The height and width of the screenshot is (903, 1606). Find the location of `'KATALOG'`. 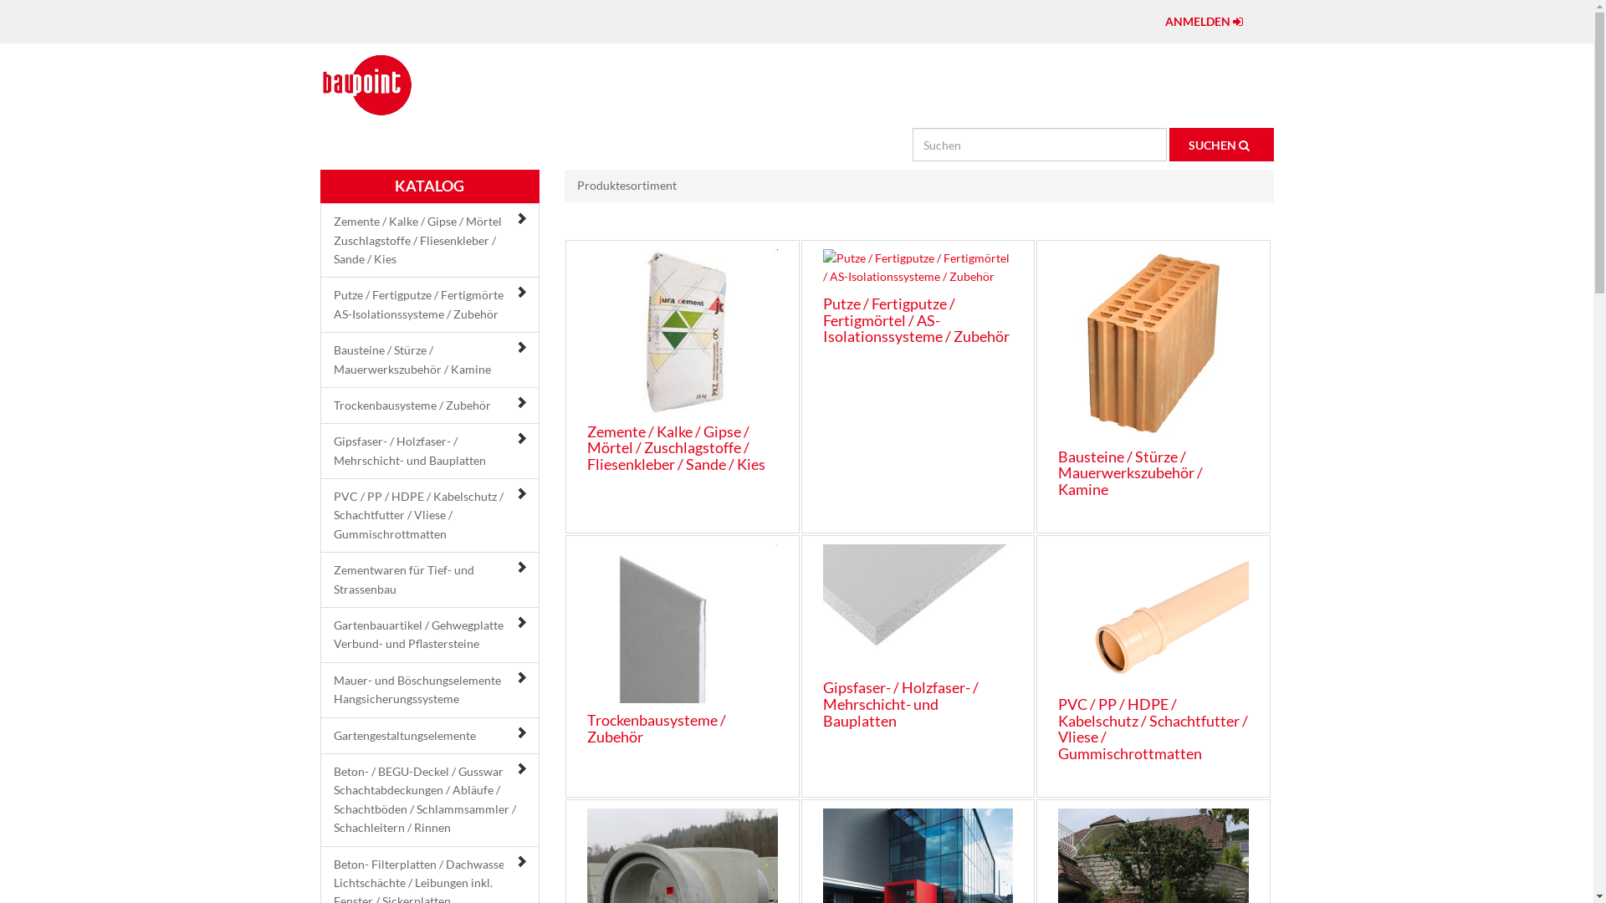

'KATALOG' is located at coordinates (429, 186).